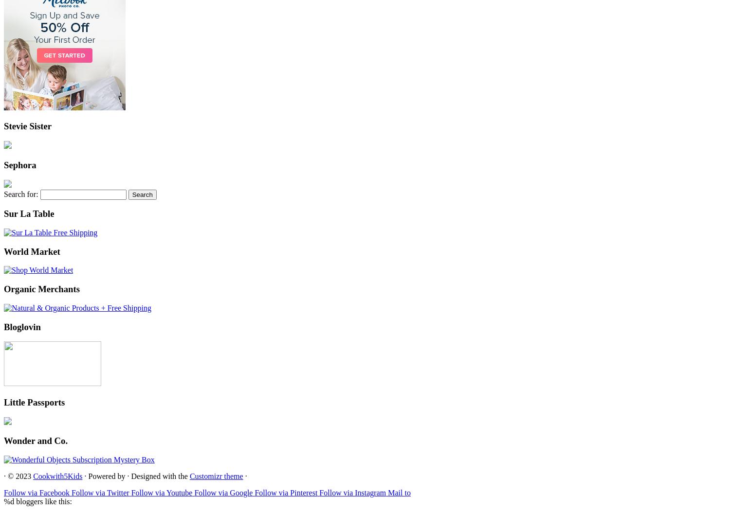 The image size is (730, 512). Describe the element at coordinates (34, 402) in the screenshot. I see `'Little Passports'` at that location.